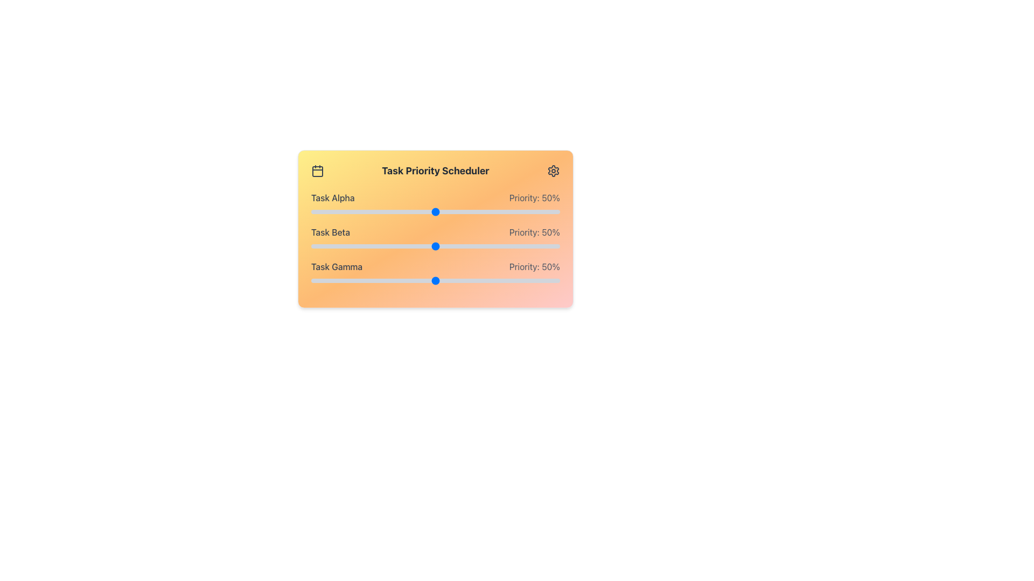 This screenshot has width=1034, height=581. What do you see at coordinates (381, 246) in the screenshot?
I see `the "Task Beta" priority` at bounding box center [381, 246].